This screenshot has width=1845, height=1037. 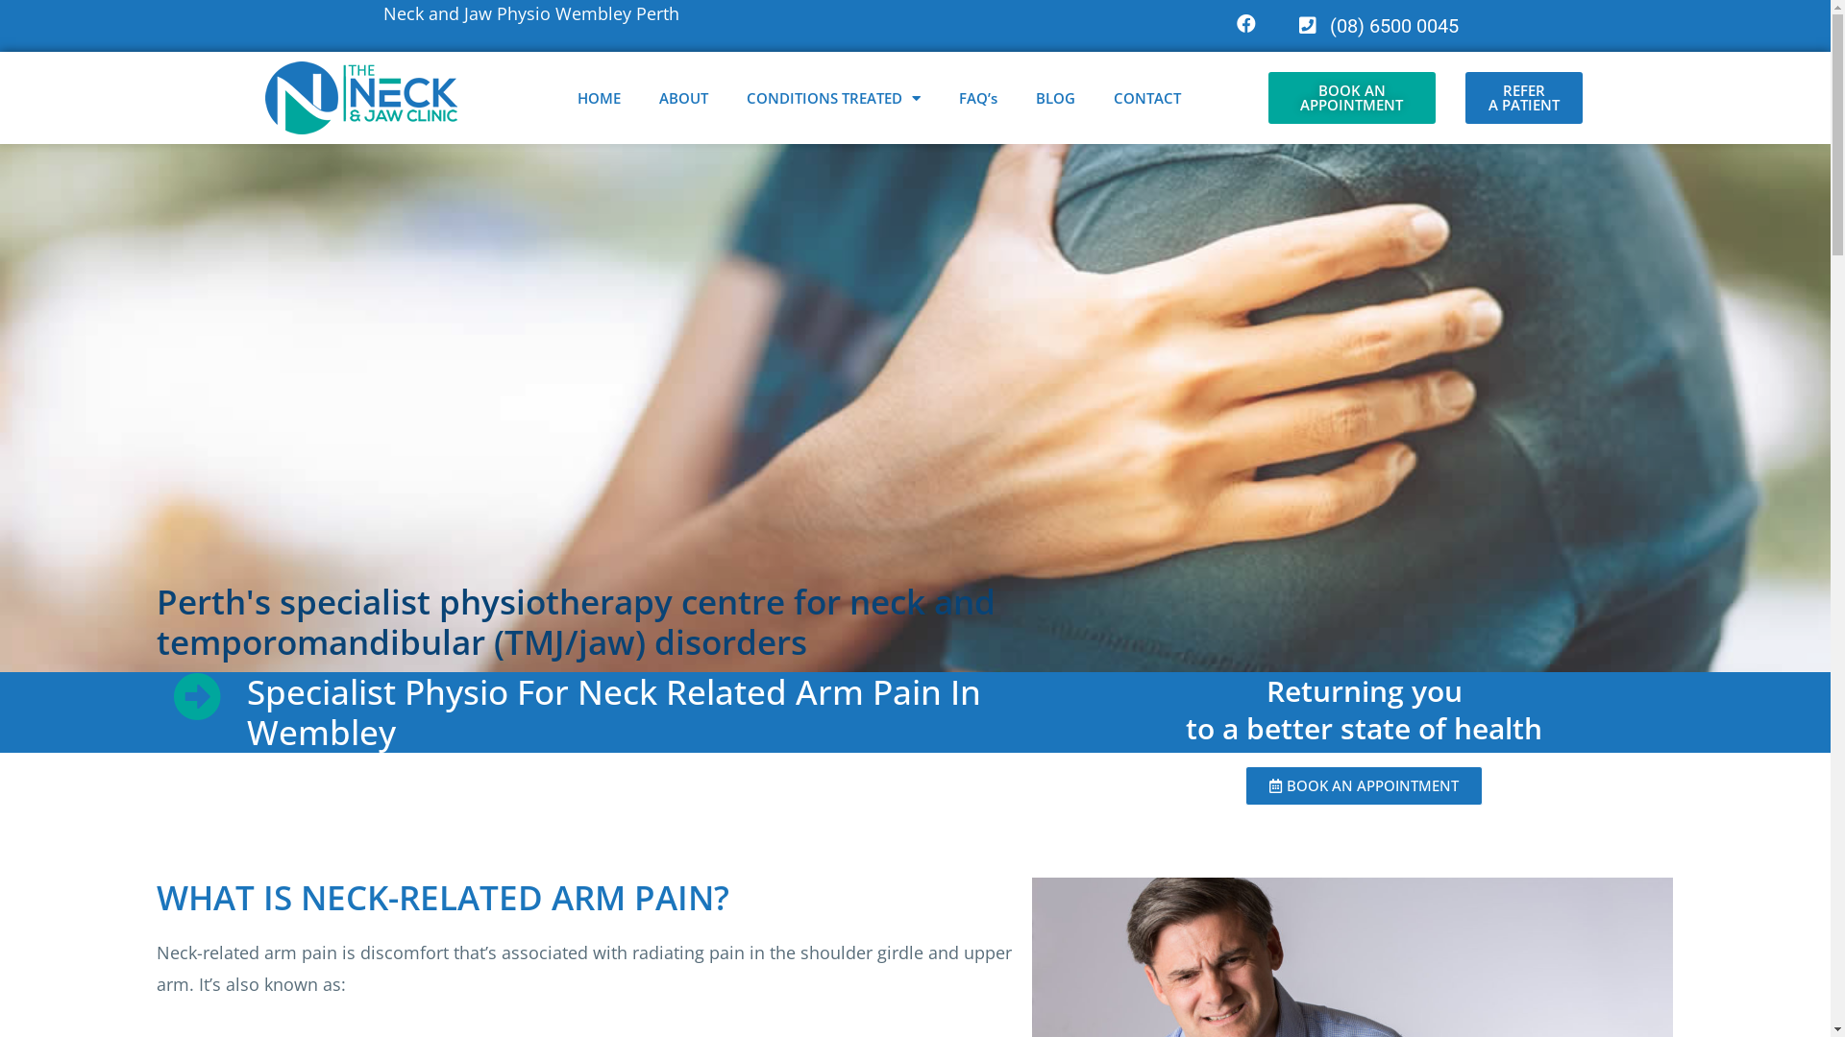 What do you see at coordinates (1522, 97) in the screenshot?
I see `'REFER` at bounding box center [1522, 97].